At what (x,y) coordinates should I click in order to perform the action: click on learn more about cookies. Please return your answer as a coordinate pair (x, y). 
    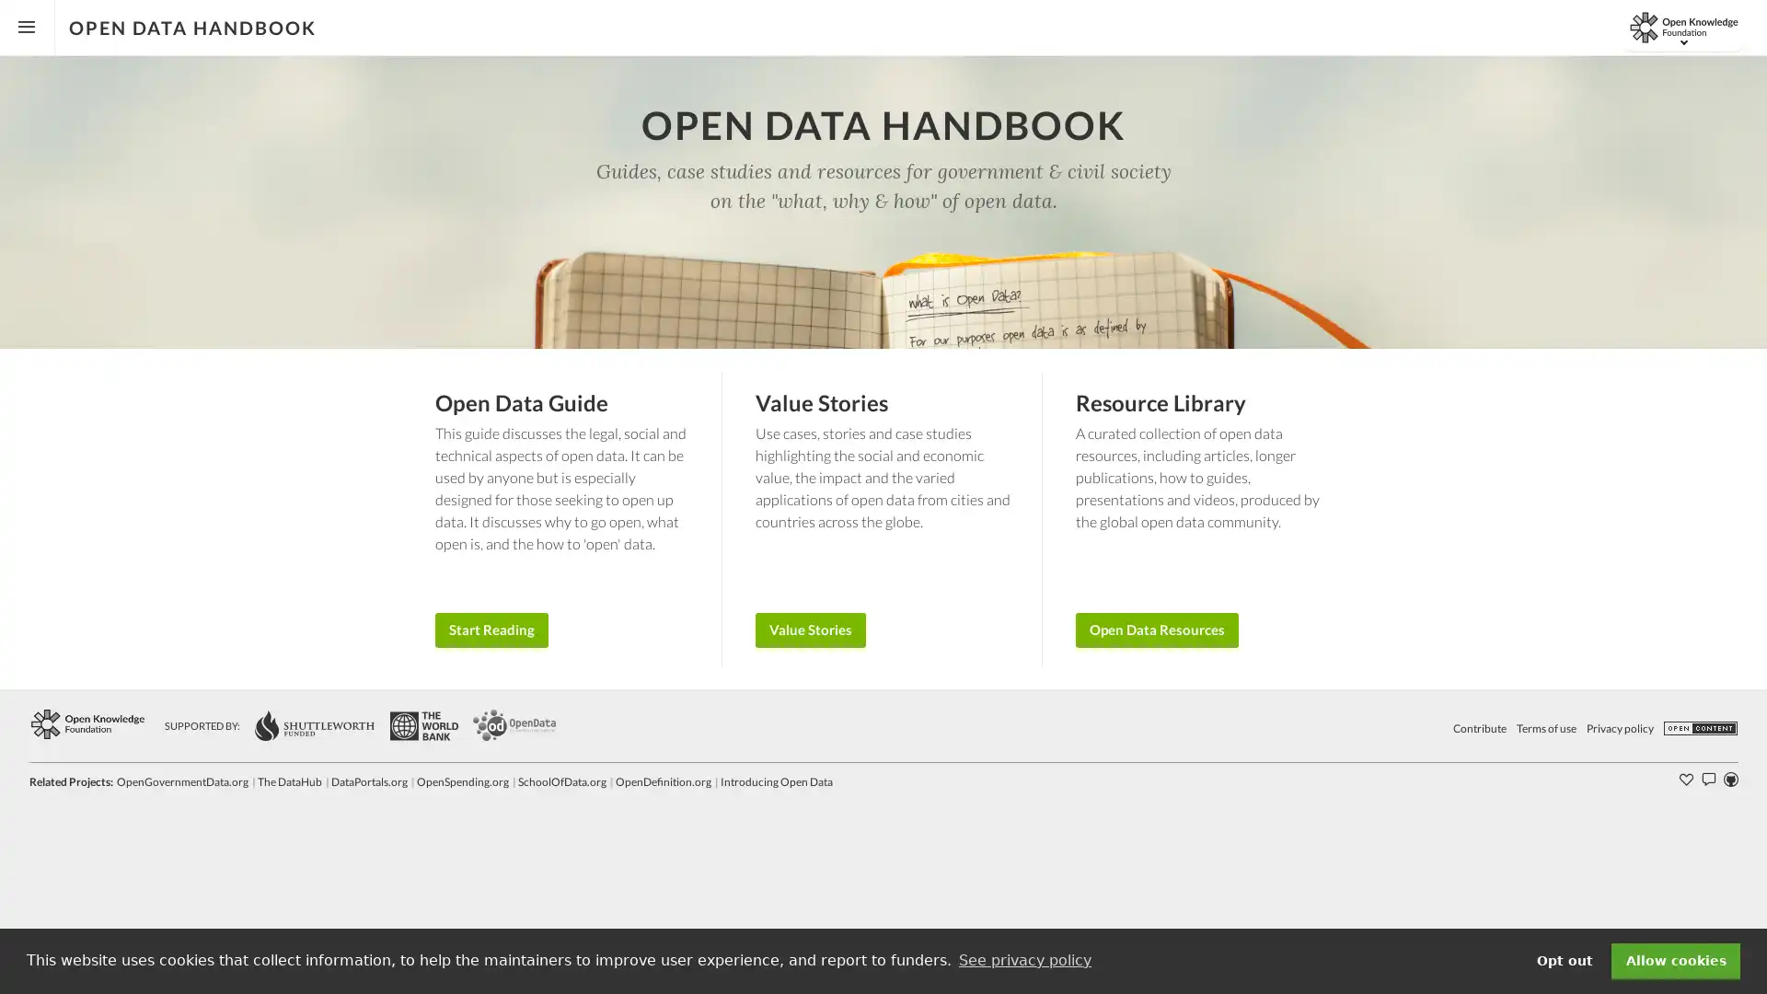
    Looking at the image, I should click on (1023, 960).